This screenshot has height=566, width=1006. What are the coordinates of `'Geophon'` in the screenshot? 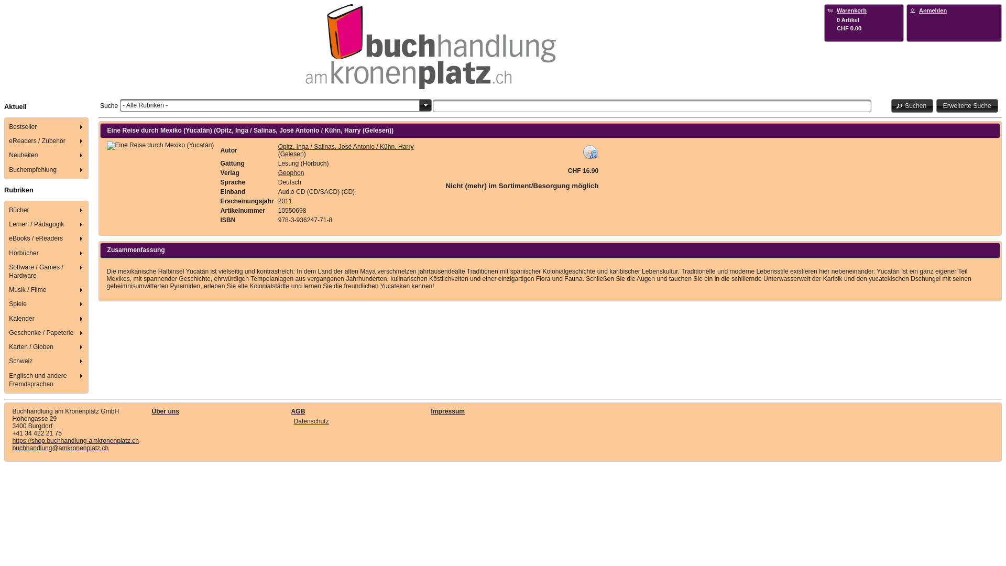 It's located at (278, 172).